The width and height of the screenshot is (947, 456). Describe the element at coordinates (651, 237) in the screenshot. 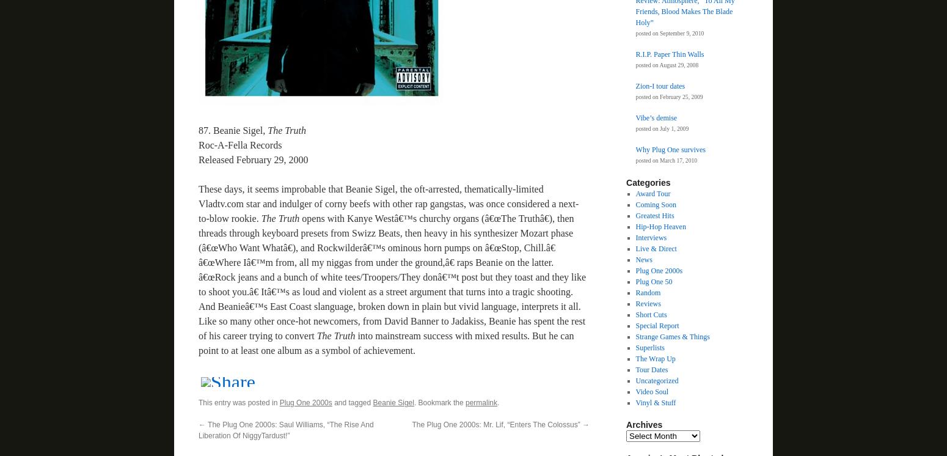

I see `'Interviews'` at that location.